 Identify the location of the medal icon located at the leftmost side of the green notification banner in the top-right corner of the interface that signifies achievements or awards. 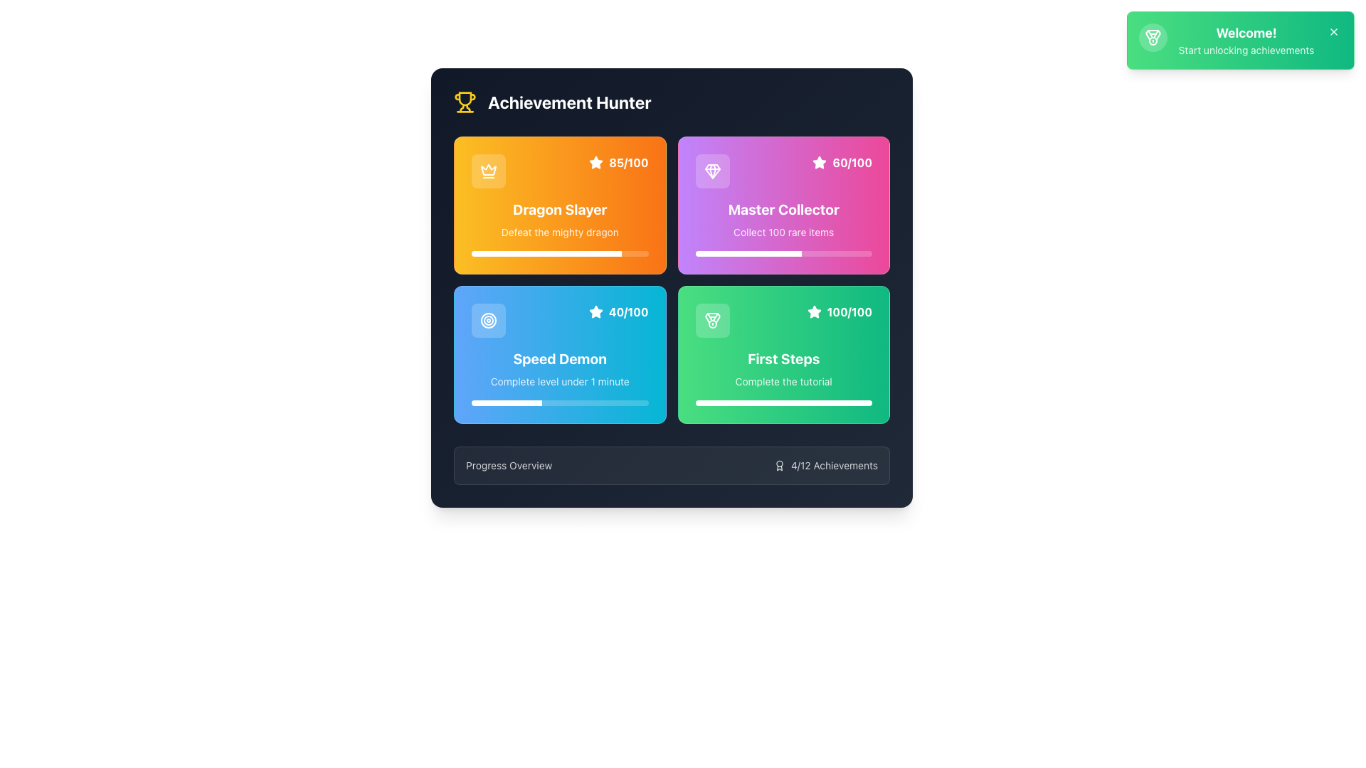
(1153, 37).